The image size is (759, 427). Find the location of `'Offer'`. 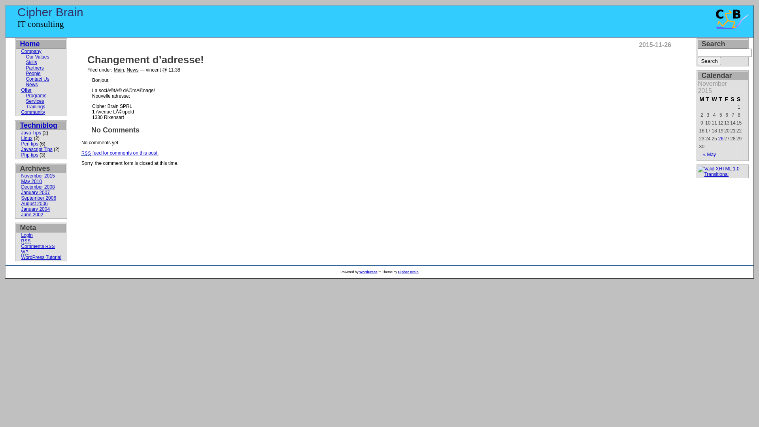

'Offer' is located at coordinates (26, 89).